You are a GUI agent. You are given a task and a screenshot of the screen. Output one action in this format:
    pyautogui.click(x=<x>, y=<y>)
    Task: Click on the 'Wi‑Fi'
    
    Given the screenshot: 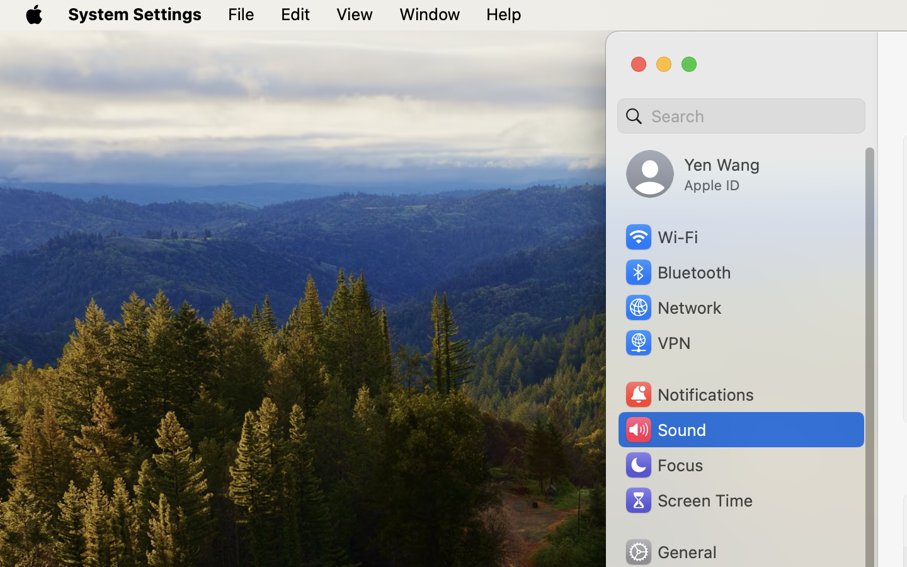 What is the action you would take?
    pyautogui.click(x=661, y=237)
    